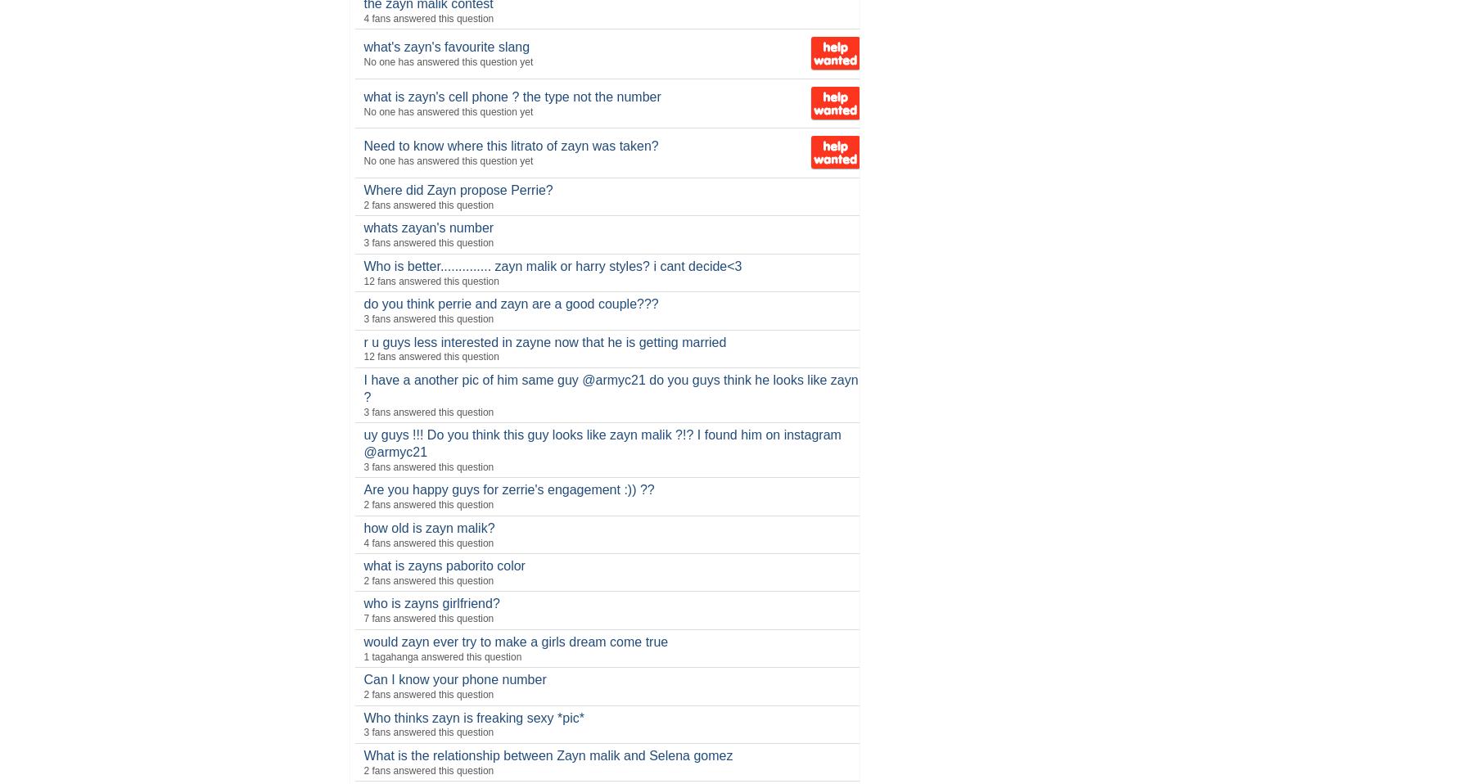 Image resolution: width=1471 pixels, height=784 pixels. What do you see at coordinates (510, 303) in the screenshot?
I see `'do you think perrie and zayn are a good couple???'` at bounding box center [510, 303].